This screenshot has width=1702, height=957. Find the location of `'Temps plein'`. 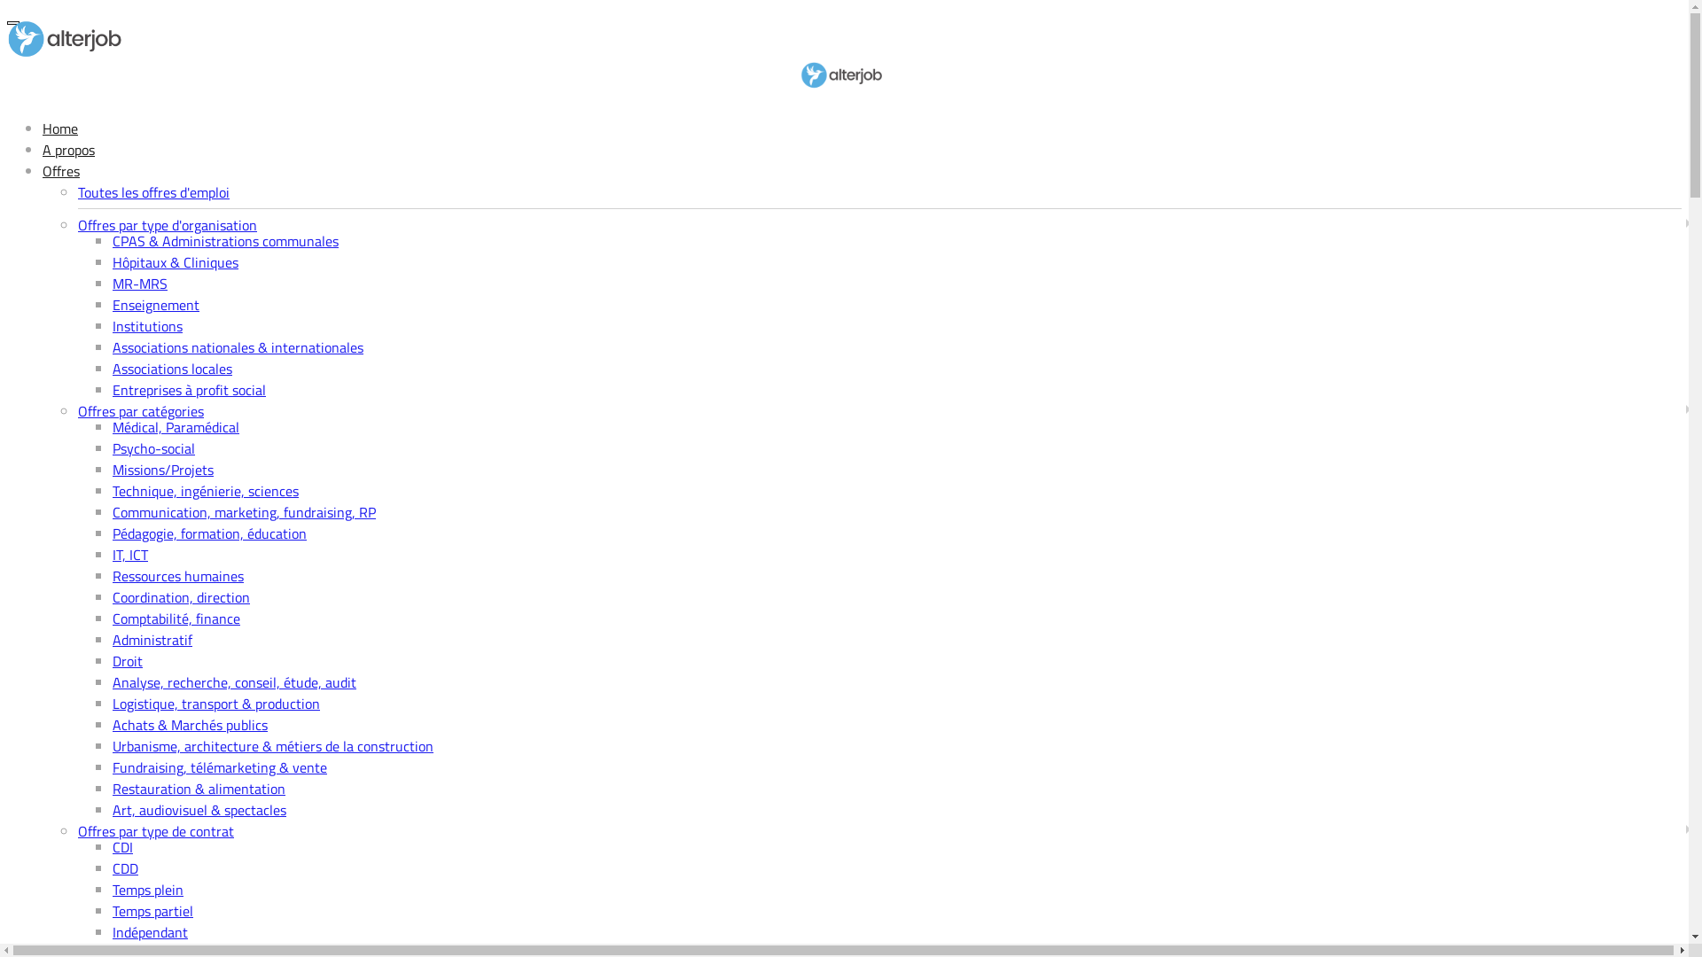

'Temps plein' is located at coordinates (148, 889).